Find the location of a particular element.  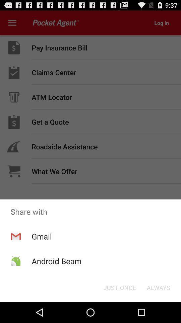

the icon to the right of the just once icon is located at coordinates (158, 287).